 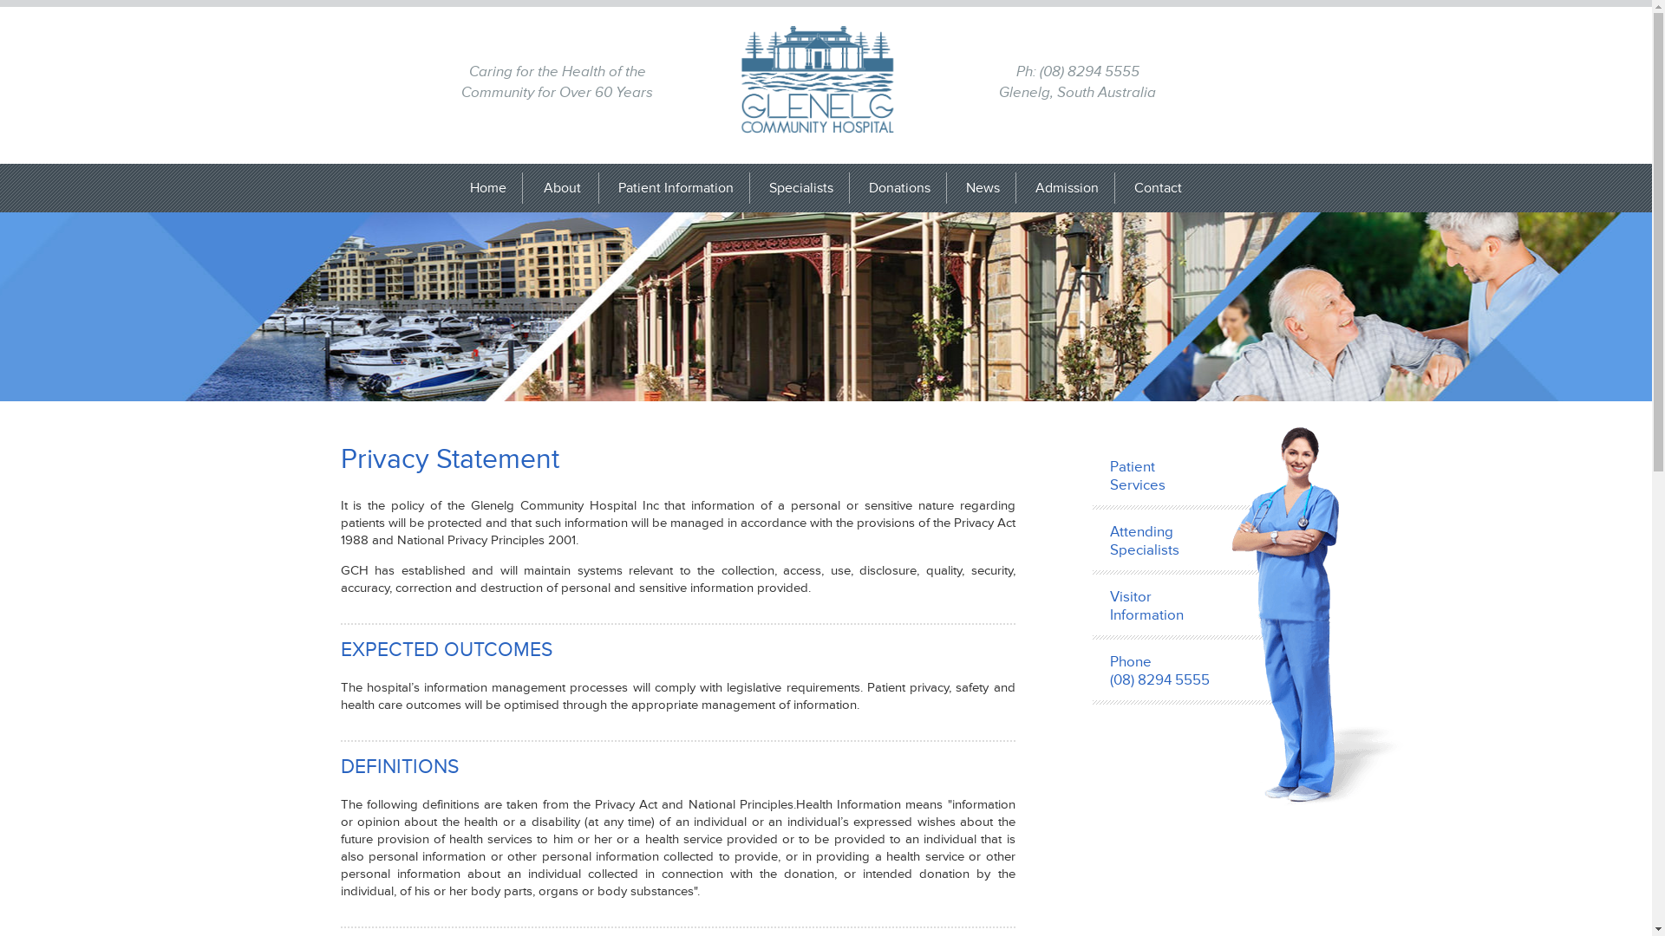 I want to click on 'Attending, so click(x=1205, y=541).